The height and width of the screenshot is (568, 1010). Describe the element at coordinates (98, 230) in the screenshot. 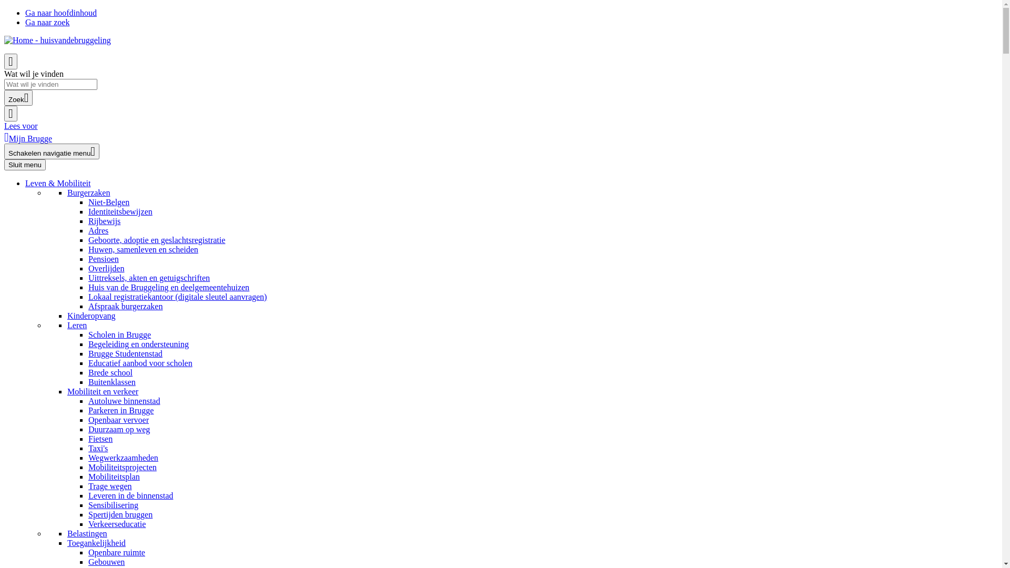

I see `'Adres'` at that location.